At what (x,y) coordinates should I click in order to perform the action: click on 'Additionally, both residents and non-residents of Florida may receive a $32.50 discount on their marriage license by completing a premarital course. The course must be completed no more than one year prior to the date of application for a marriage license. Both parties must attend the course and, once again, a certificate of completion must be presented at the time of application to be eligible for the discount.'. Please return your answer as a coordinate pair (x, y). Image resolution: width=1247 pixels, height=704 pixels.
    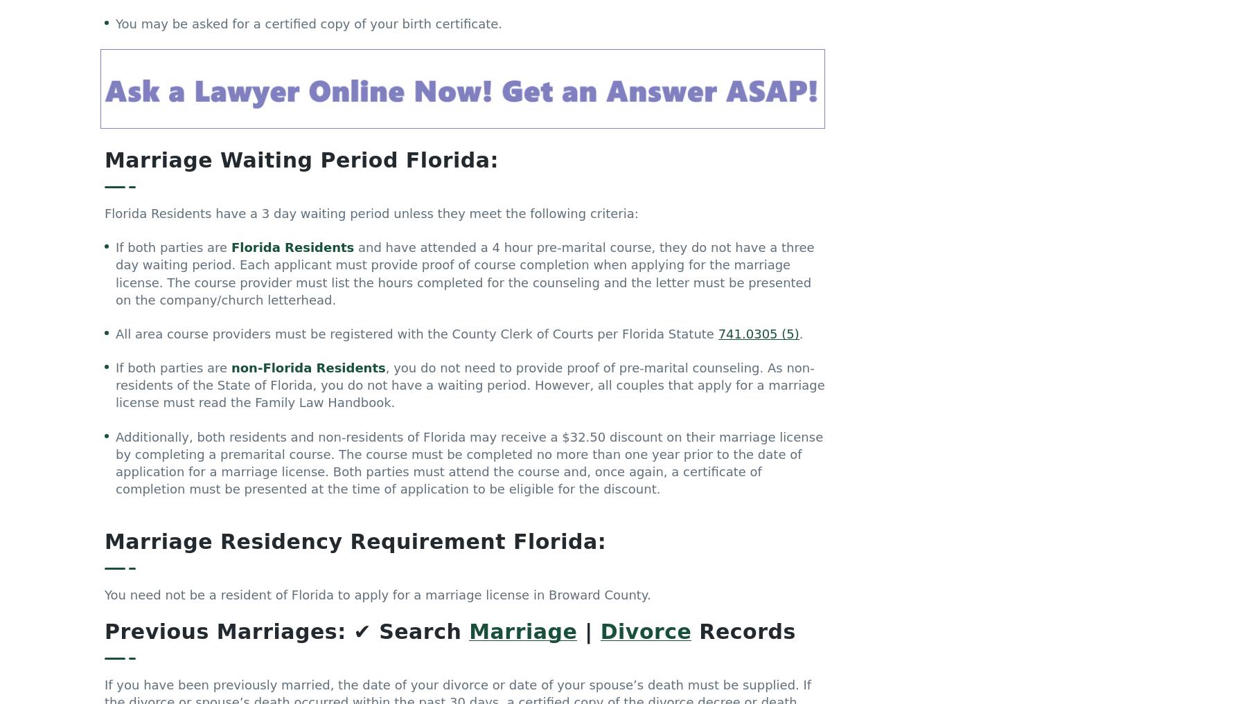
    Looking at the image, I should click on (468, 466).